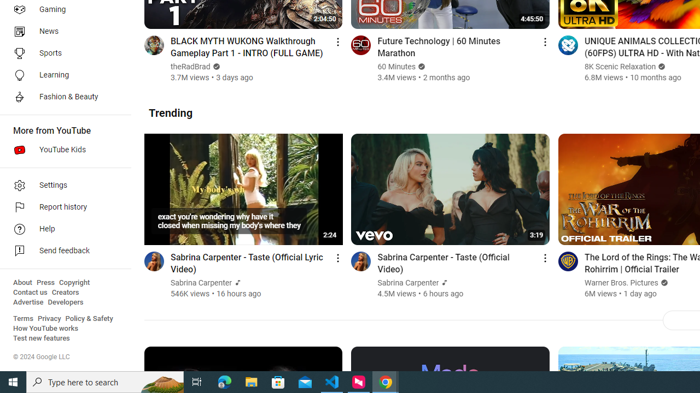  What do you see at coordinates (65, 302) in the screenshot?
I see `'Developers'` at bounding box center [65, 302].